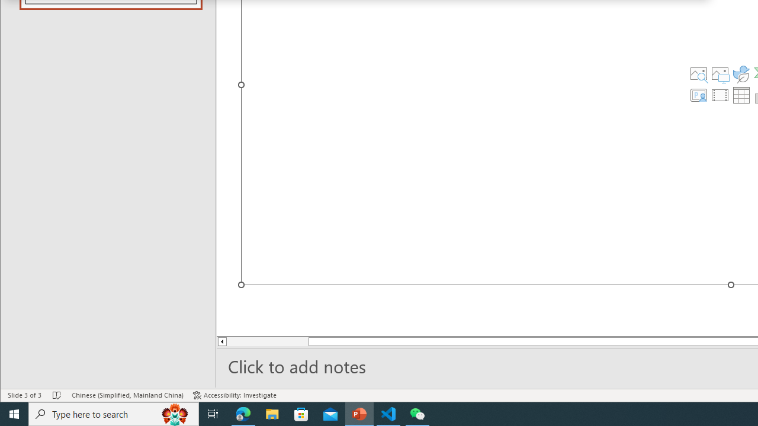 The width and height of the screenshot is (758, 426). Describe the element at coordinates (698, 73) in the screenshot. I see `'Stock Images'` at that location.